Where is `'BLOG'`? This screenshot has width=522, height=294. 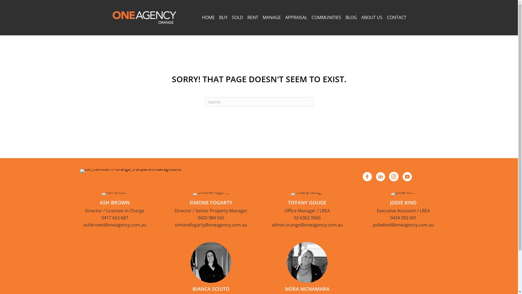 'BLOG' is located at coordinates (351, 17).